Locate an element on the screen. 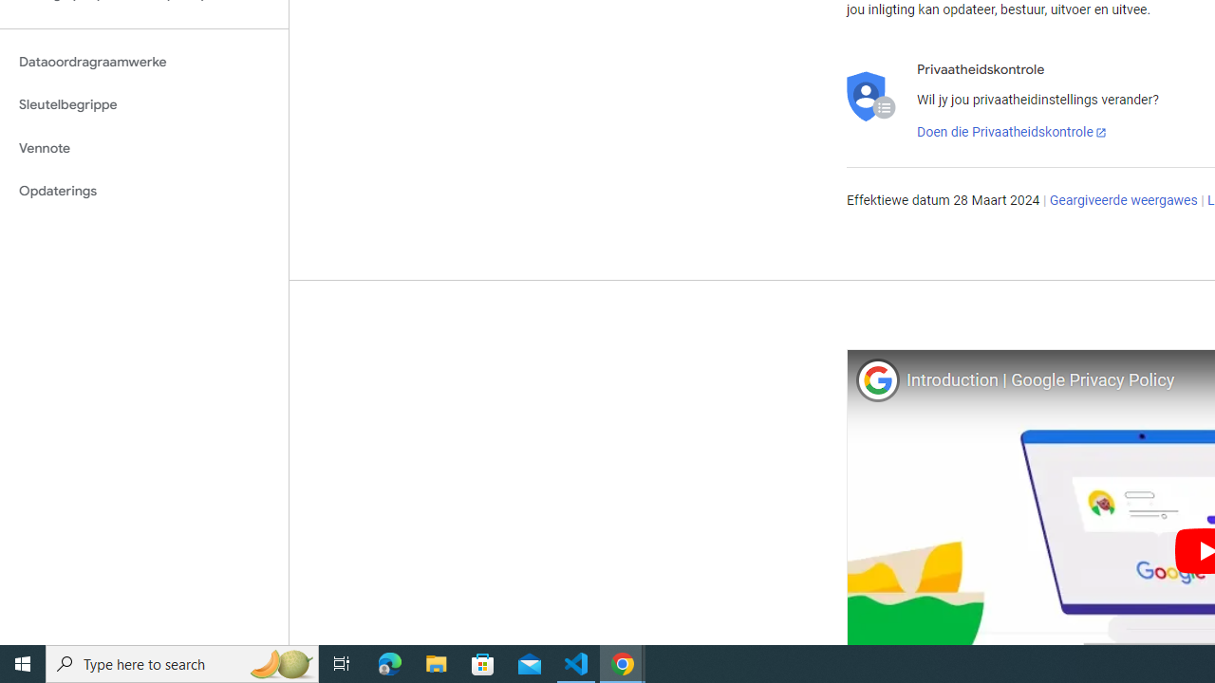 This screenshot has width=1215, height=683. 'Opdaterings' is located at coordinates (143, 191).